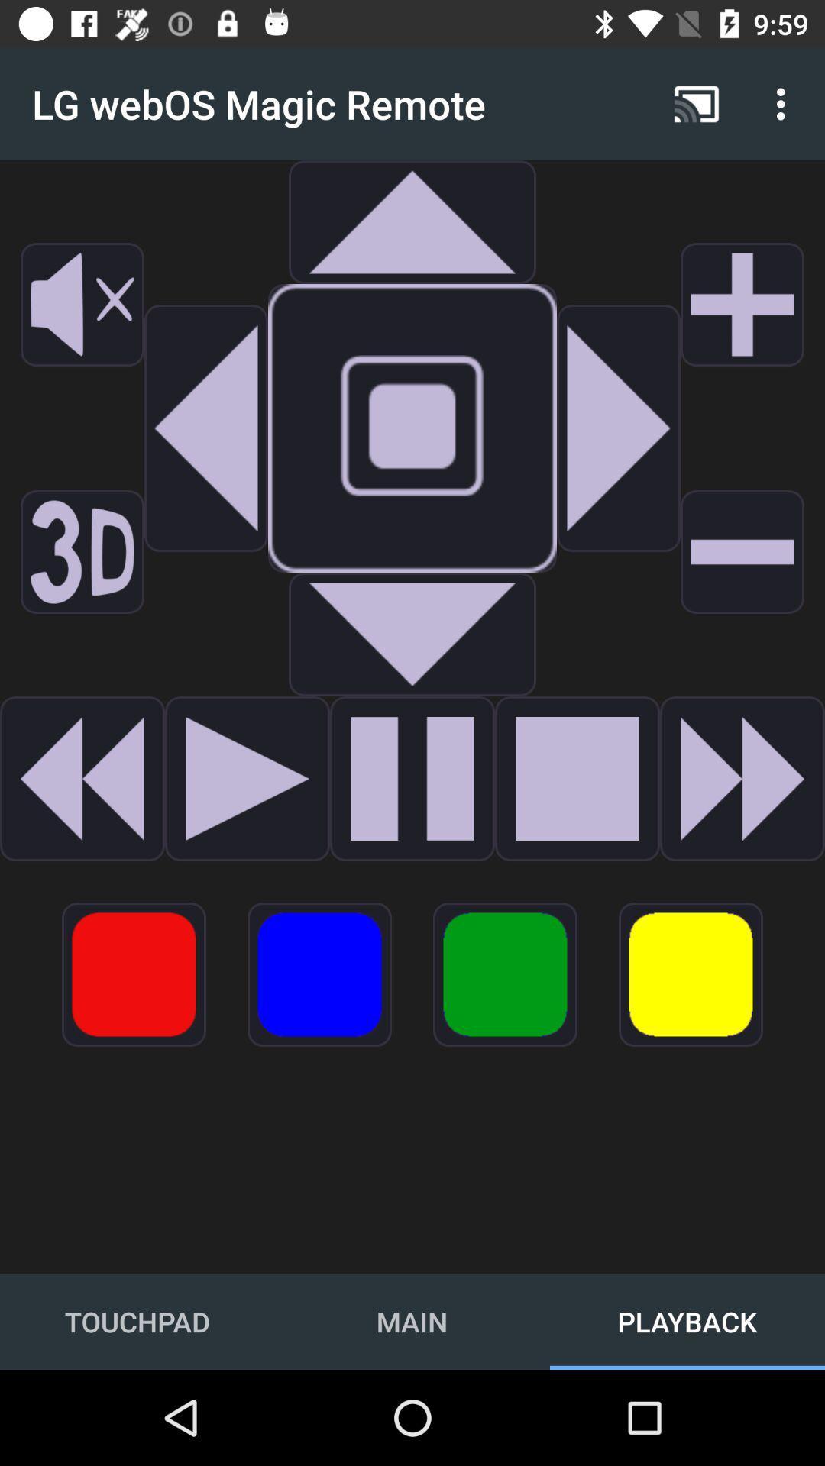 This screenshot has width=825, height=1466. I want to click on the expand_less icon, so click(412, 221).